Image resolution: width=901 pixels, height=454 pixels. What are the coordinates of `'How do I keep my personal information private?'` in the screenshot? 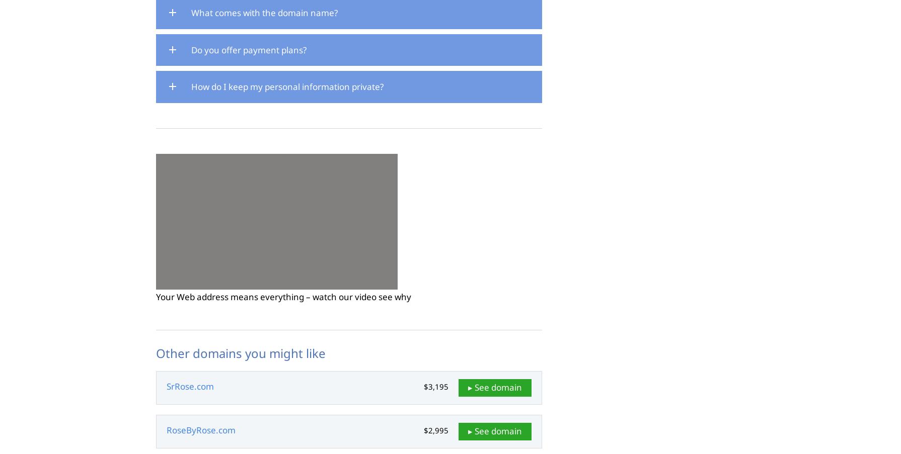 It's located at (287, 86).